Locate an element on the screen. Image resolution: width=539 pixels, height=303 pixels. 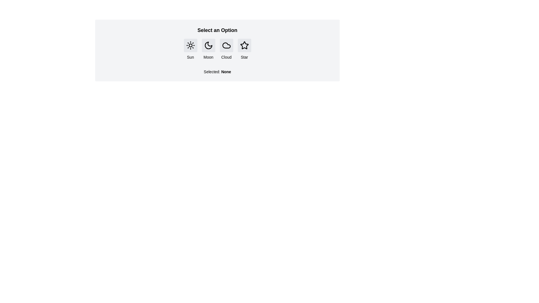
the bold text label that displays 'None', which is part of the phrase 'Selected: None', located below a horizontal group of icons is located at coordinates (226, 71).